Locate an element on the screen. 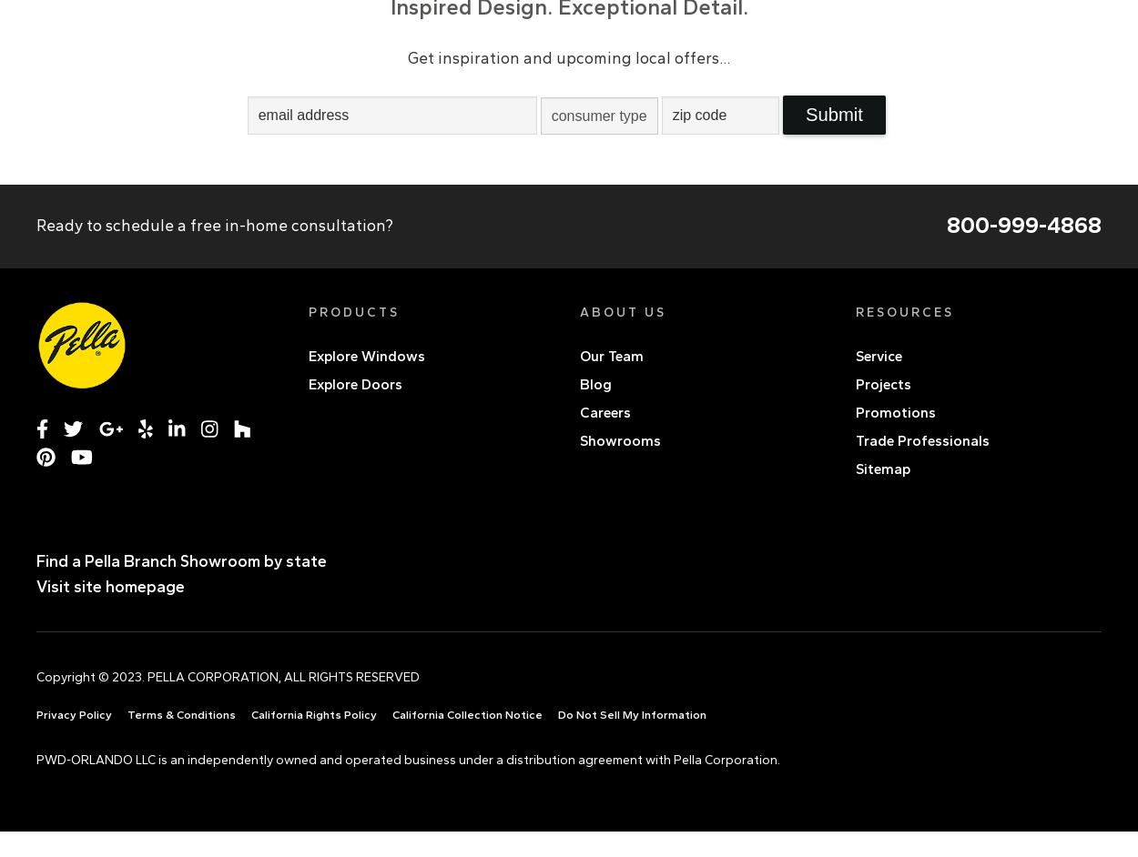 The height and width of the screenshot is (857, 1138). 'About Us' is located at coordinates (623, 311).